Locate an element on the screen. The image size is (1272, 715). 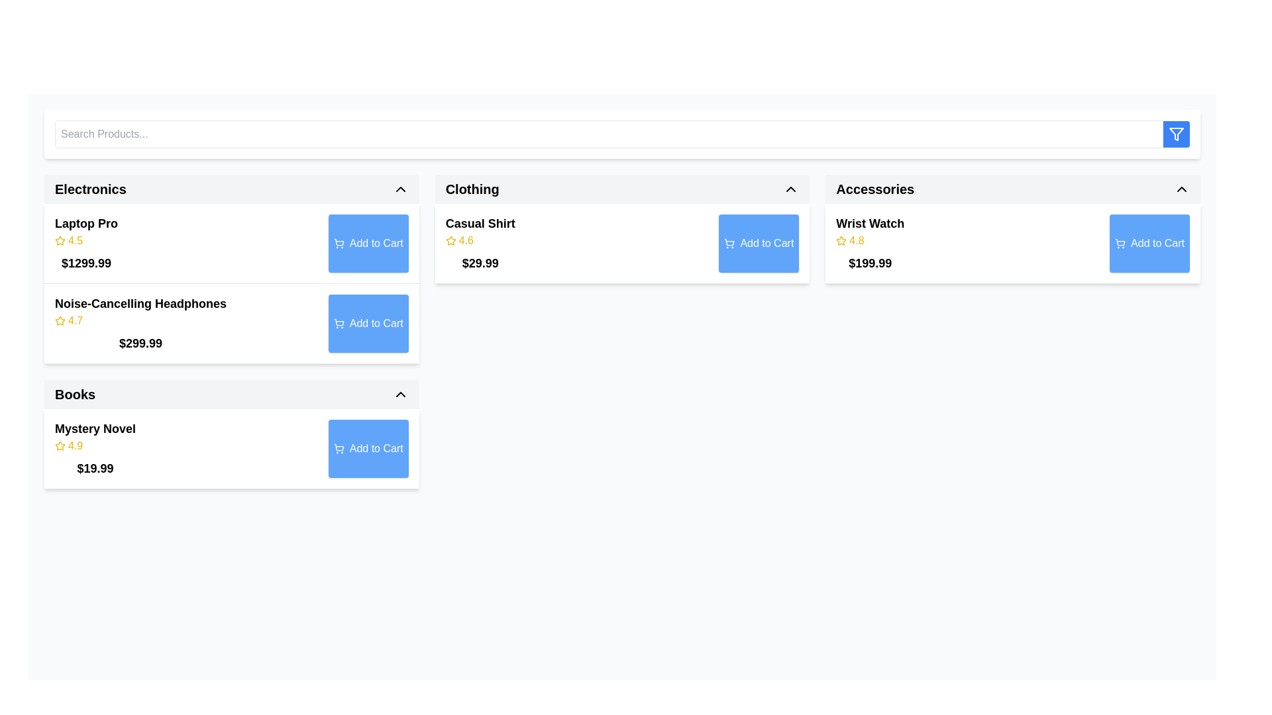
the static text label displaying 'Wrist Watch' in the product card within the 'Accessories' section is located at coordinates (870, 223).